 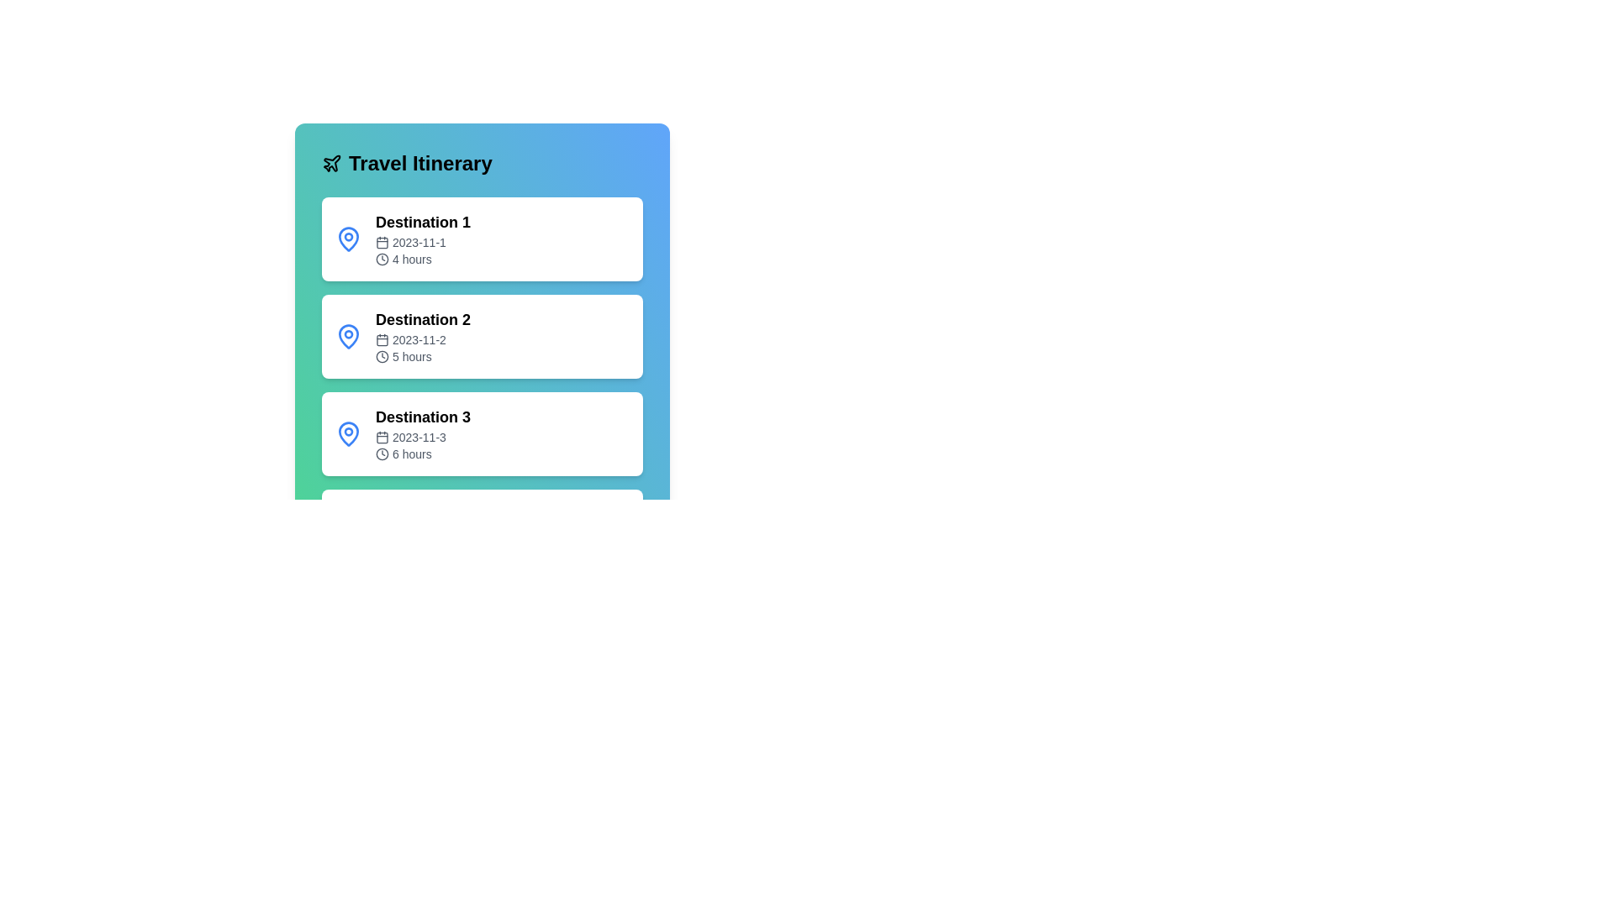 I want to click on the static text element displaying the duration or time for 'Destination 3', located at the bottom-right of the third block under the date '2023-11-3', so click(x=423, y=453).